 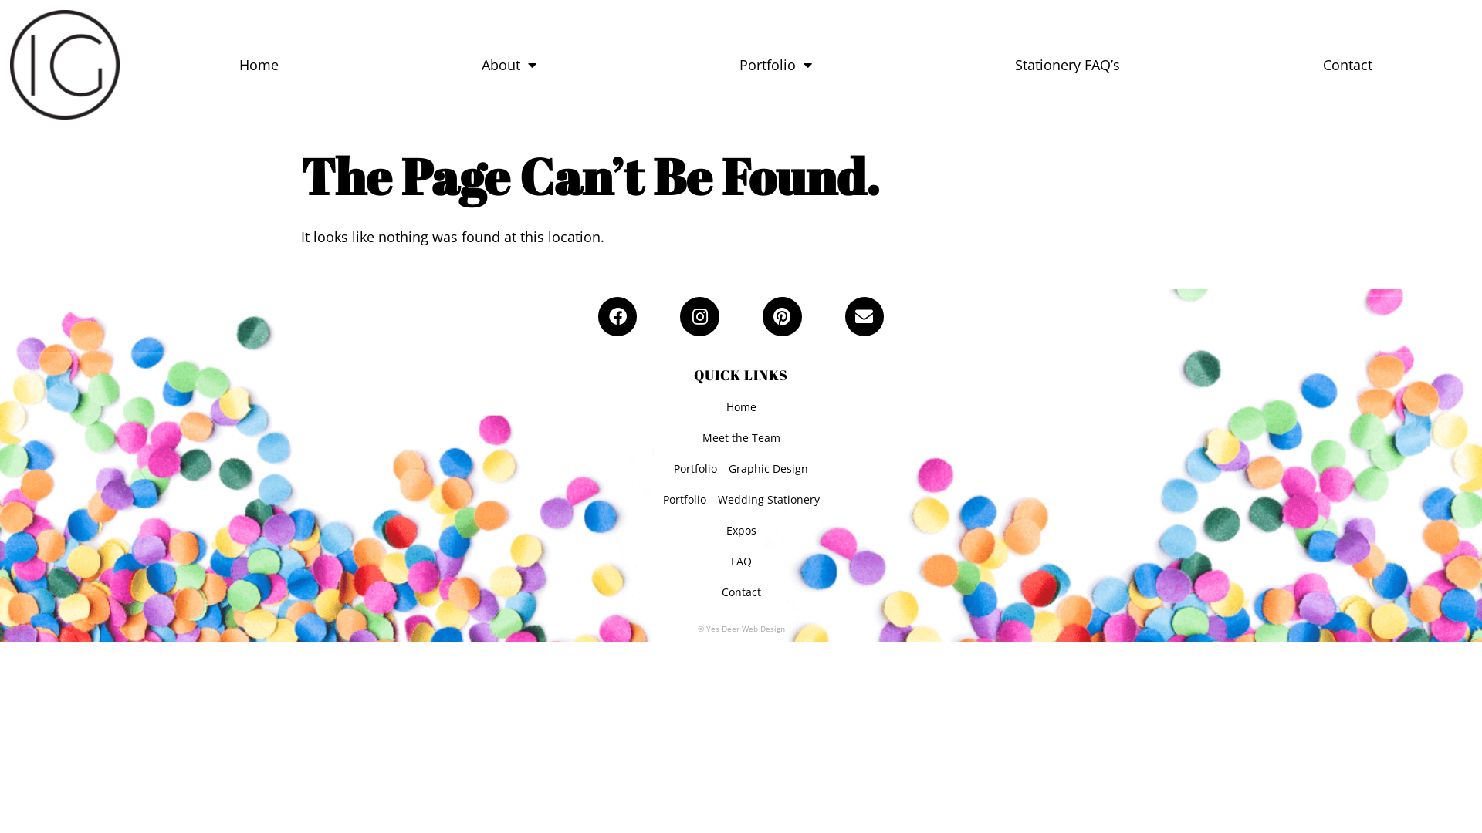 I want to click on 'Contact', so click(x=1347, y=64).